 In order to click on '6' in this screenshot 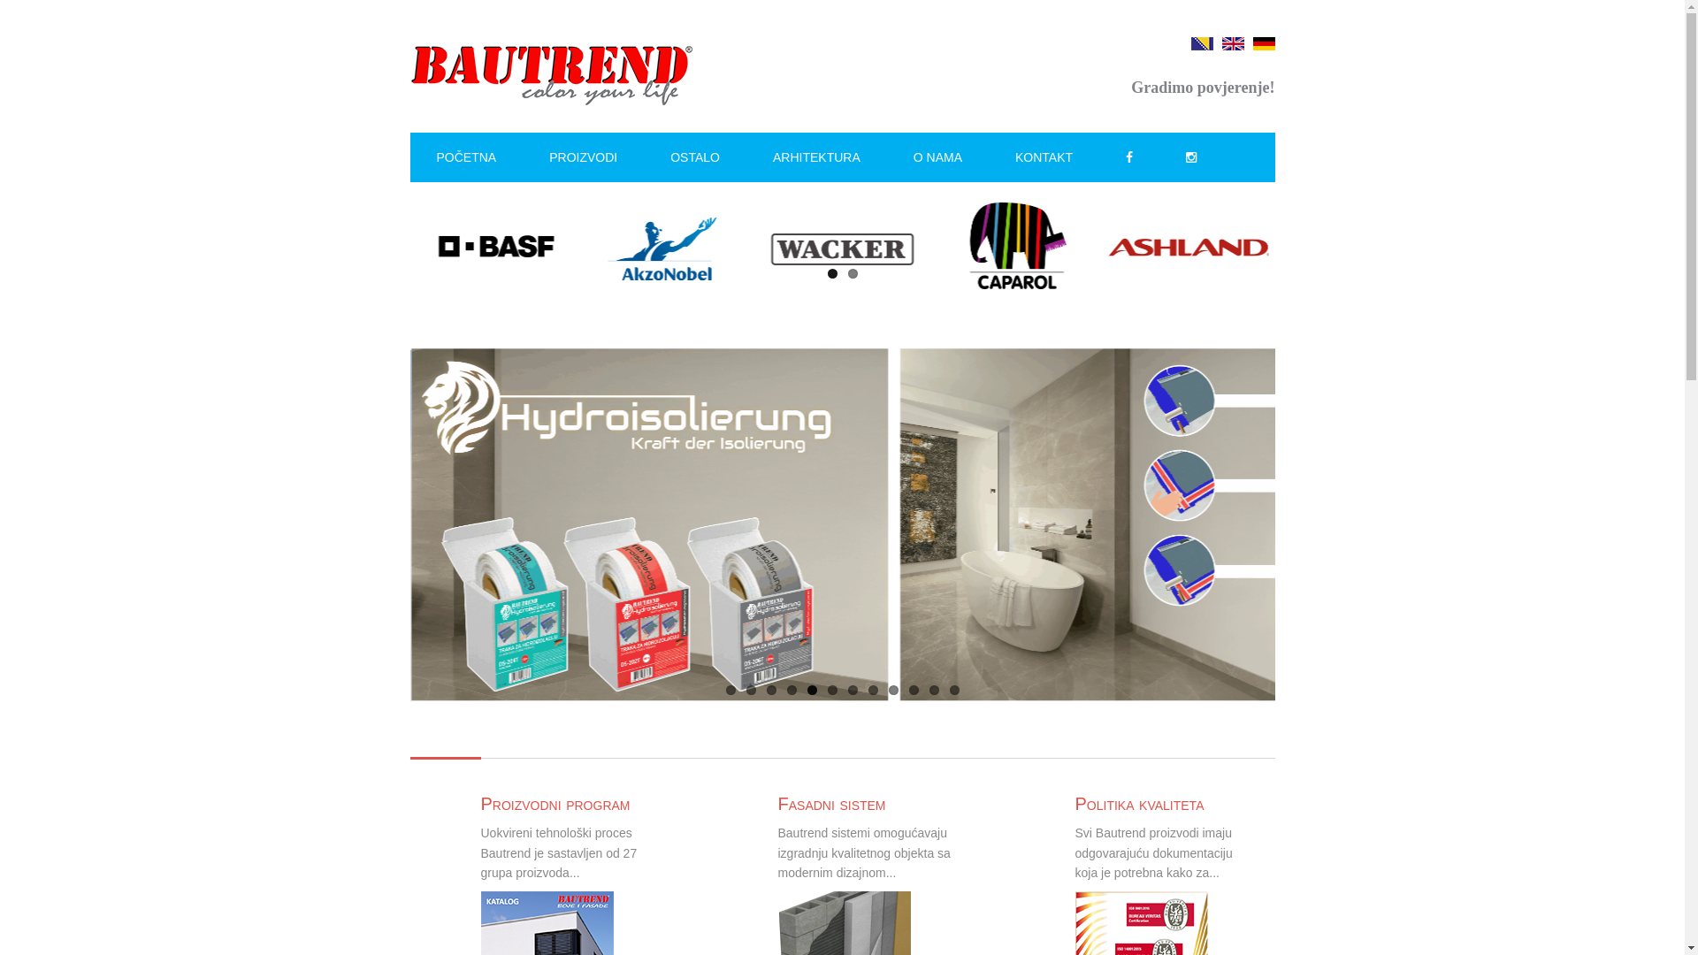, I will do `click(831, 689)`.